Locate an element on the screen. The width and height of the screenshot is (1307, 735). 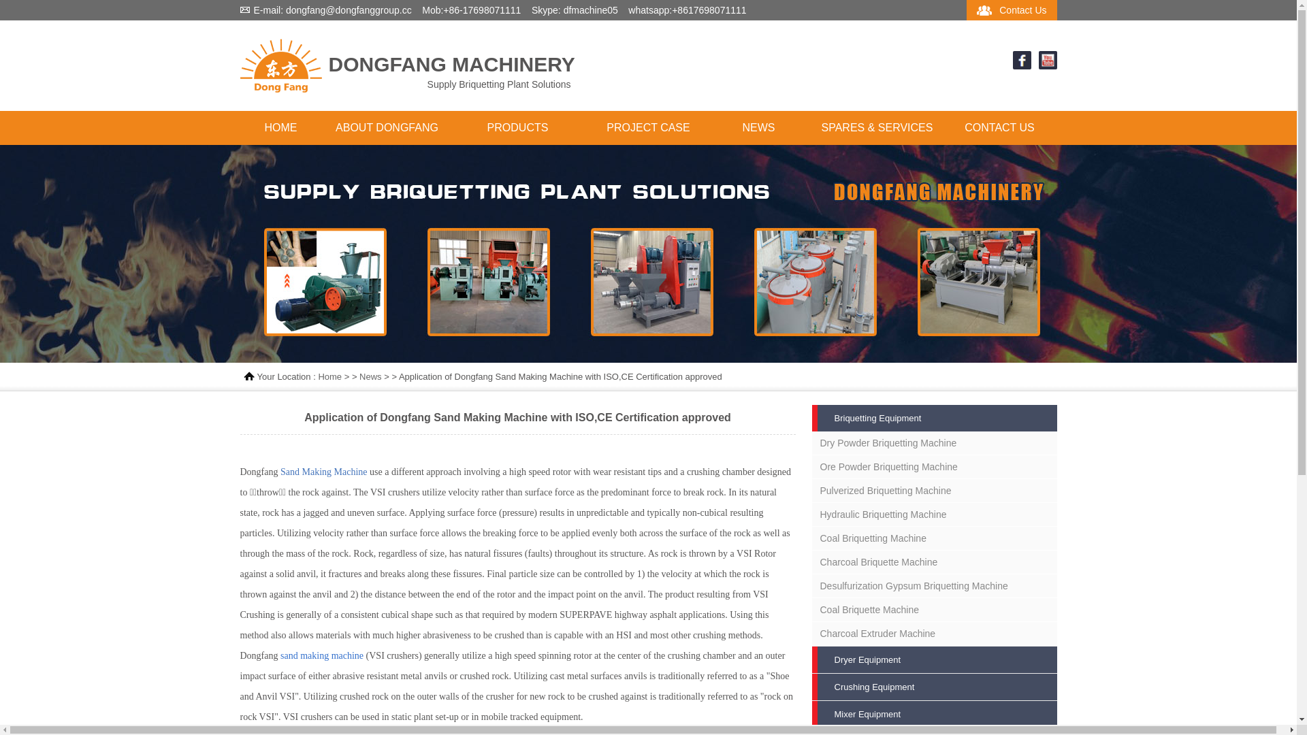
'Crushing Equipment' is located at coordinates (933, 687).